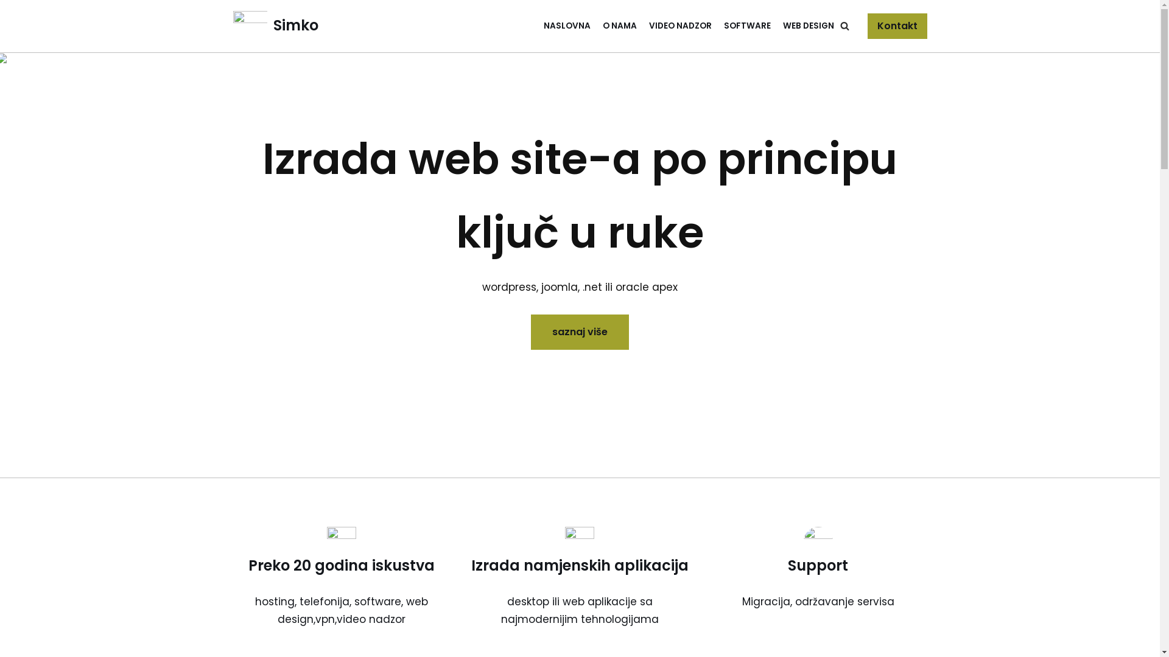 This screenshot has height=657, width=1169. Describe the element at coordinates (679, 26) in the screenshot. I see `'VIDEO NADZOR'` at that location.